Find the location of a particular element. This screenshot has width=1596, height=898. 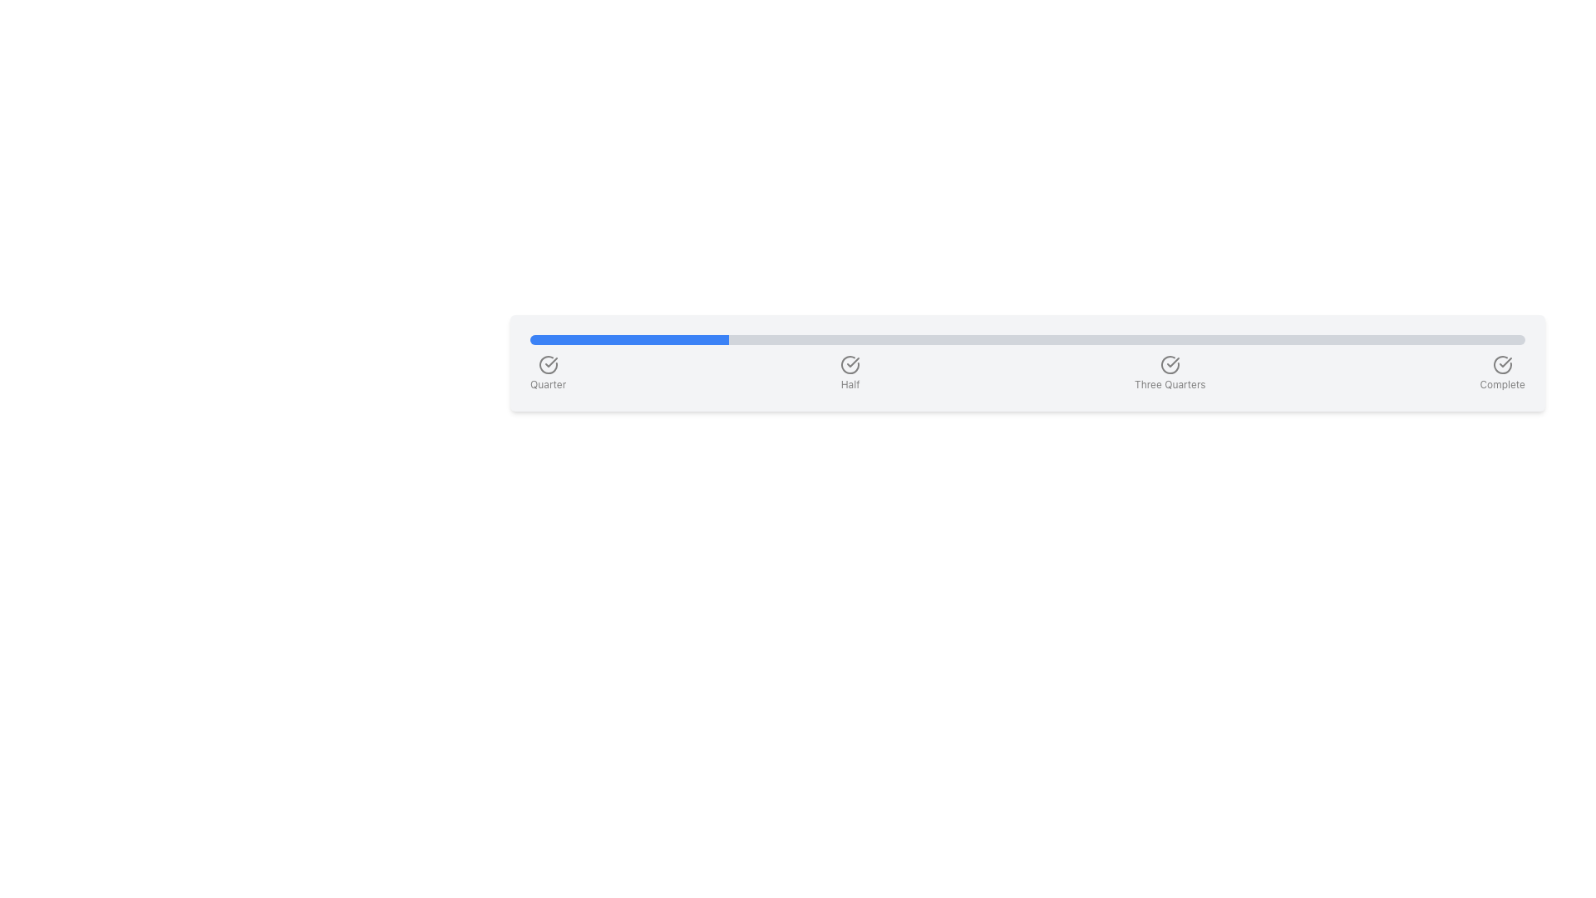

the circular icon with a check mark inside it, which is the third icon in the horizontal progress indicator above the text 'Three Quarters.' is located at coordinates (1169, 364).